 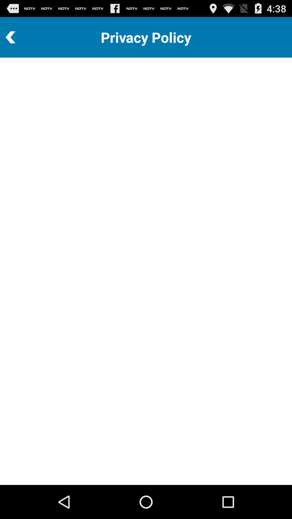 What do you see at coordinates (25, 37) in the screenshot?
I see `app next to the privacy policy app` at bounding box center [25, 37].